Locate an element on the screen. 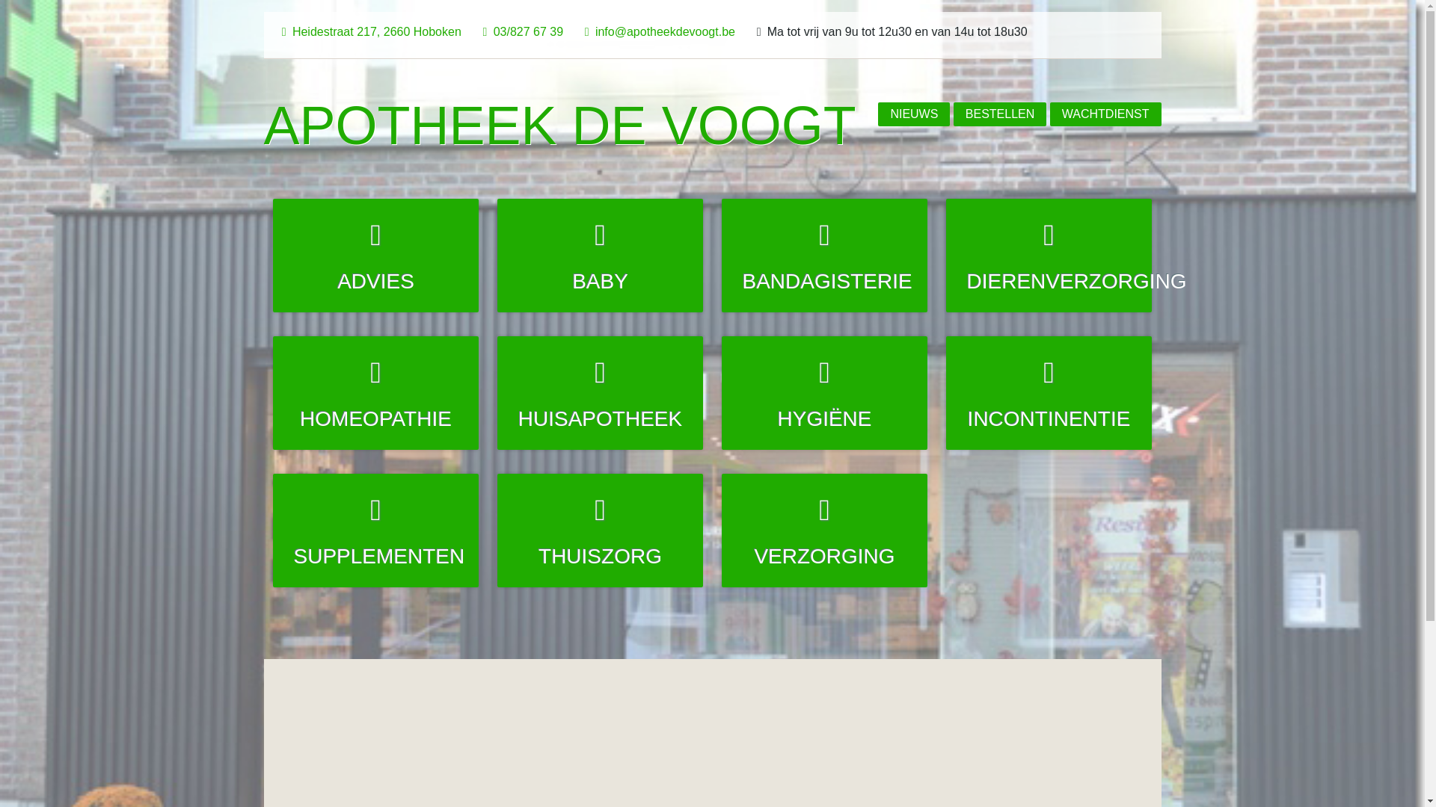 This screenshot has height=807, width=1436. 'Heidestraat 217, 2660 Hoboken' is located at coordinates (368, 31).